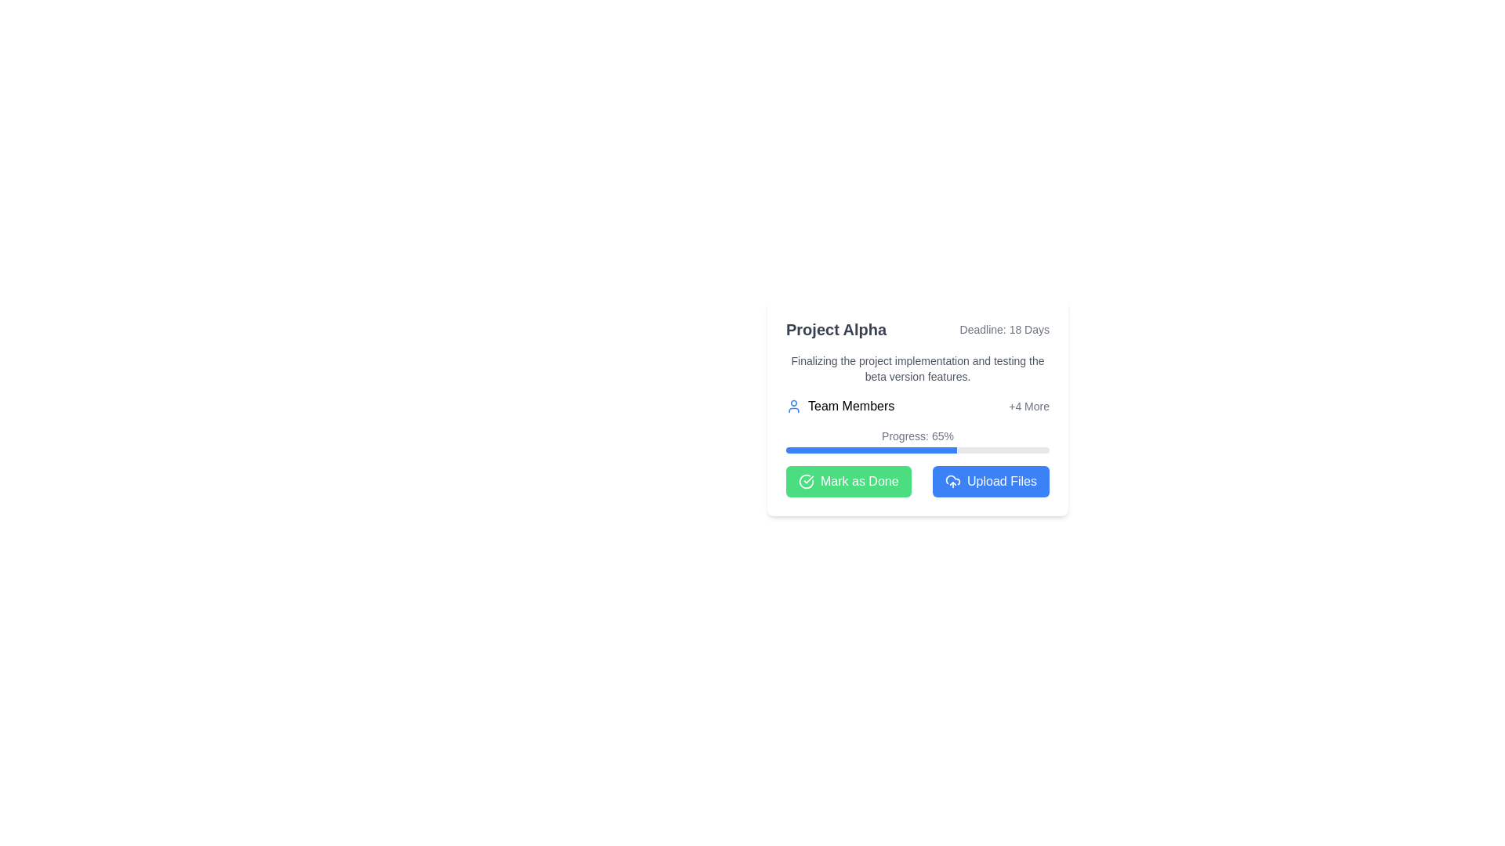 Image resolution: width=1505 pixels, height=846 pixels. What do you see at coordinates (871, 450) in the screenshot?
I see `the Filled Indicator within the progress bar that visually indicates task completion` at bounding box center [871, 450].